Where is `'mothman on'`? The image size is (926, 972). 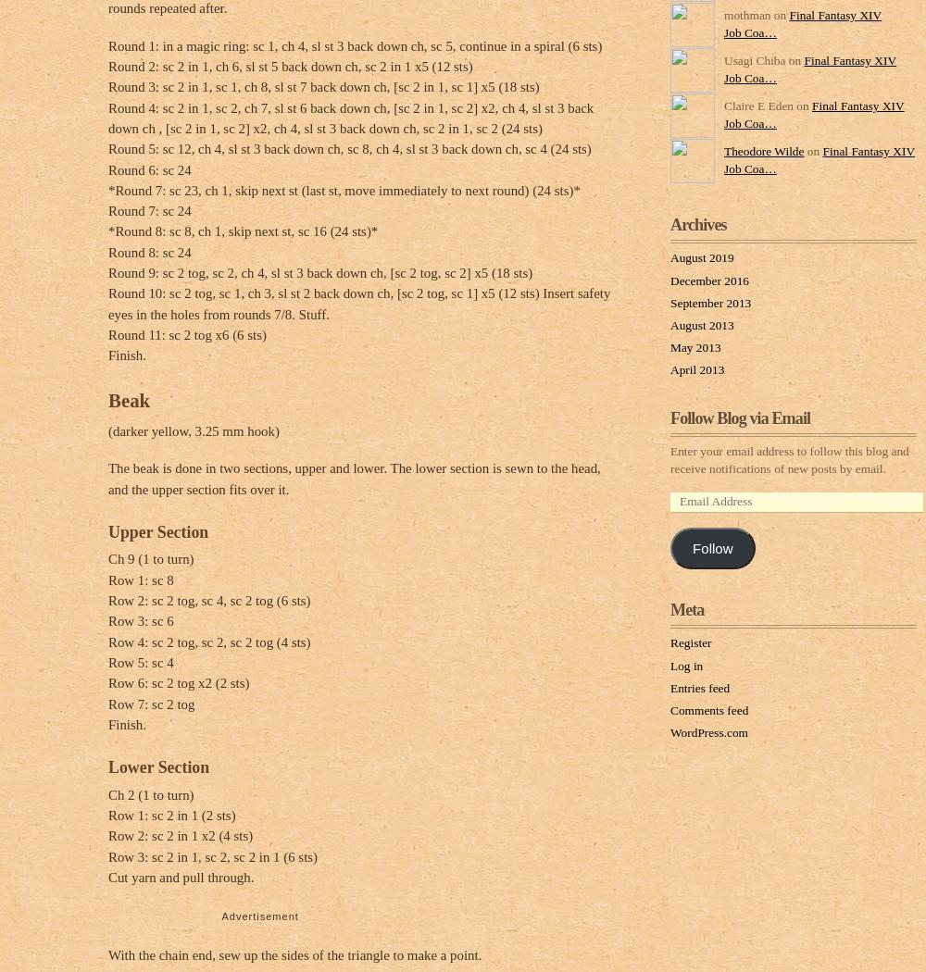 'mothman on' is located at coordinates (756, 15).